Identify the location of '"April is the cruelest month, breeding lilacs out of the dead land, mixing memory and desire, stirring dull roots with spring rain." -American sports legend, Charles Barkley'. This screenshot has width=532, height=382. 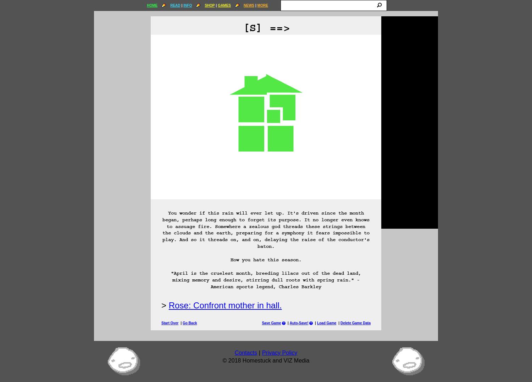
(170, 279).